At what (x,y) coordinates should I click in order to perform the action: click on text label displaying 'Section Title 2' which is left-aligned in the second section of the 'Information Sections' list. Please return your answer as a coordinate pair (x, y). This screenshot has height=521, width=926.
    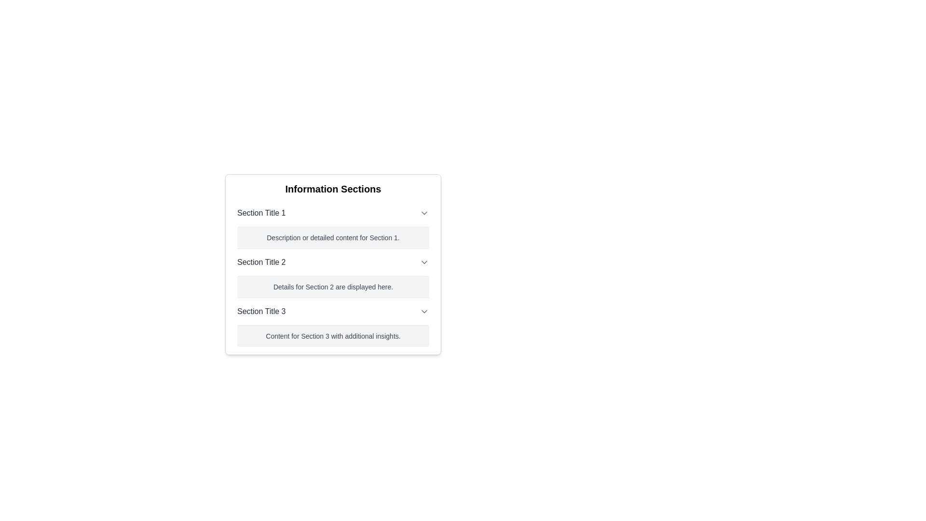
    Looking at the image, I should click on (261, 262).